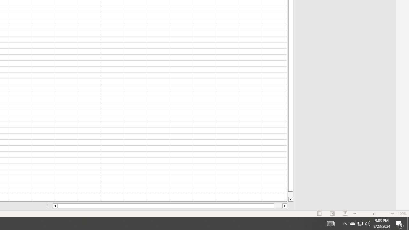  What do you see at coordinates (344, 214) in the screenshot?
I see `'Page Break Preview'` at bounding box center [344, 214].